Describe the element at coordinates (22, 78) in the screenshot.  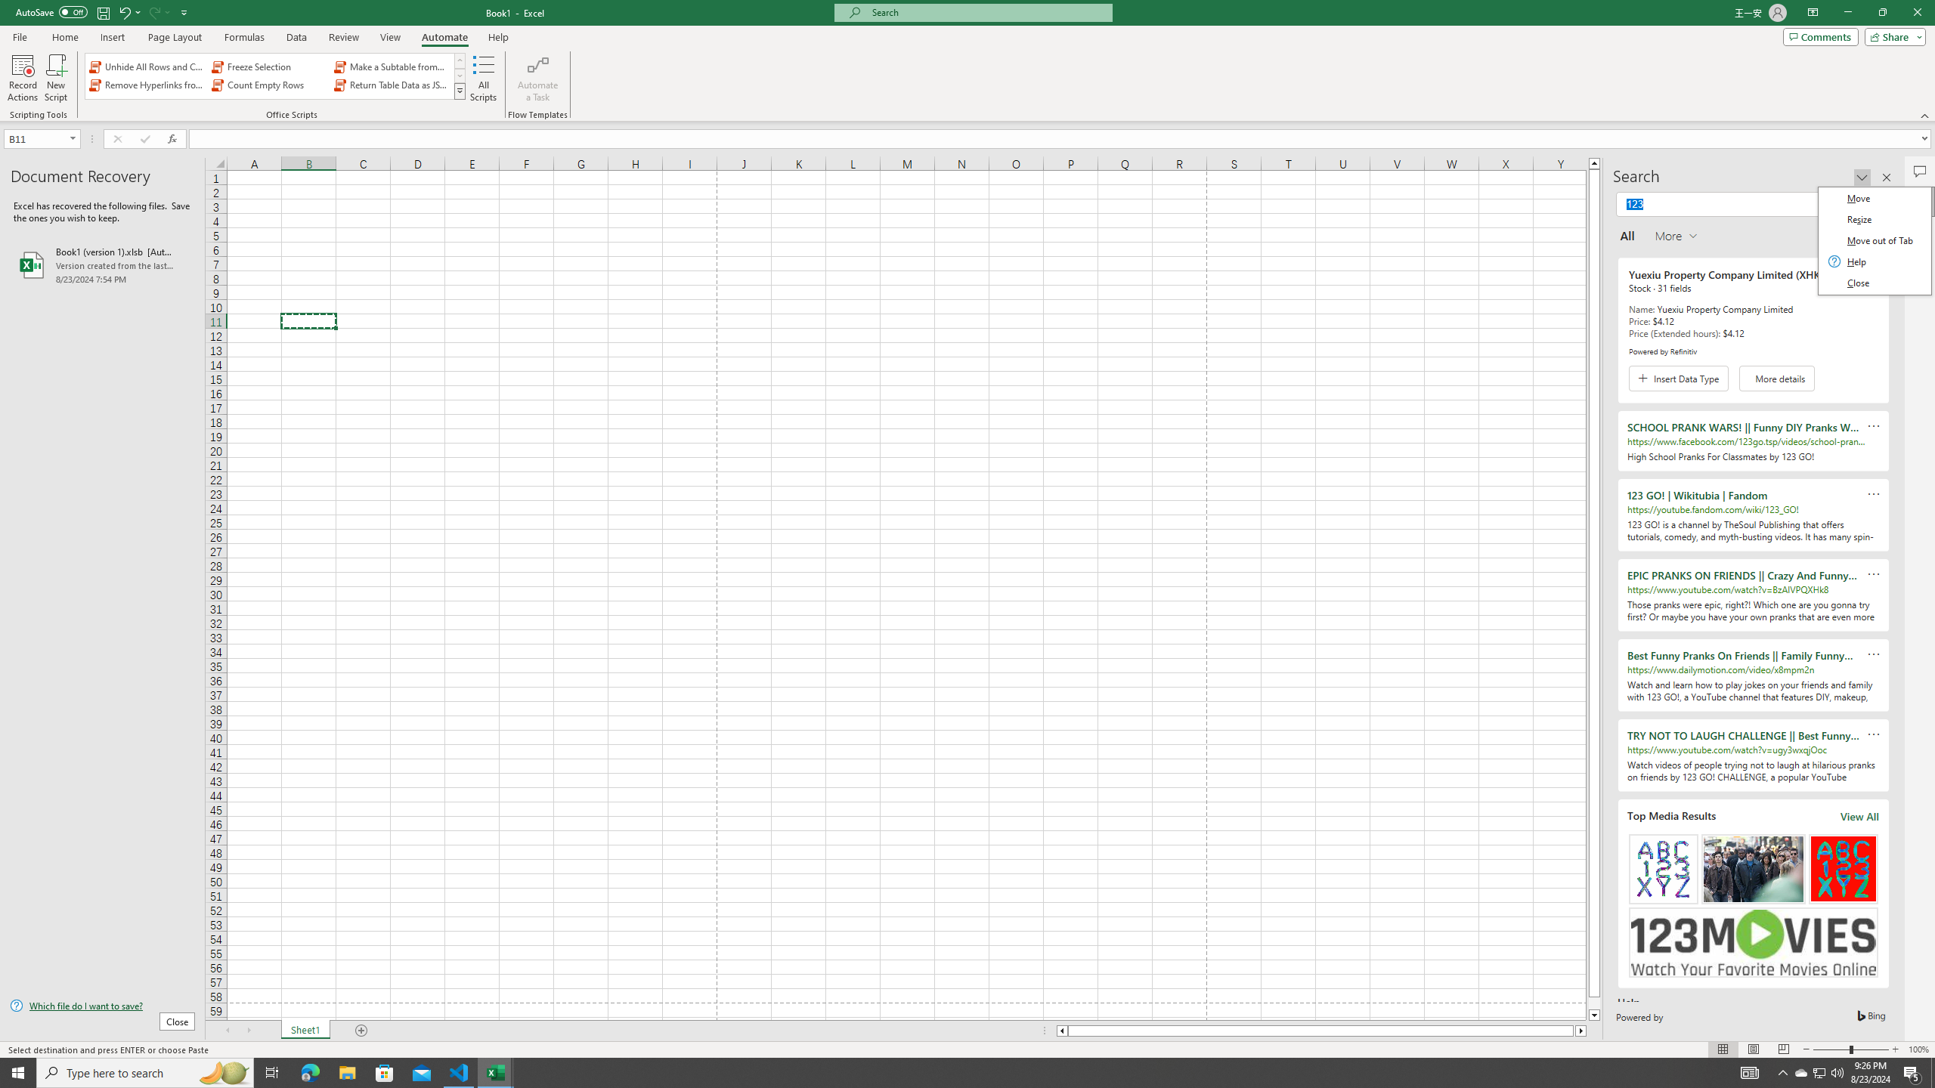
I see `'Record Actions'` at that location.